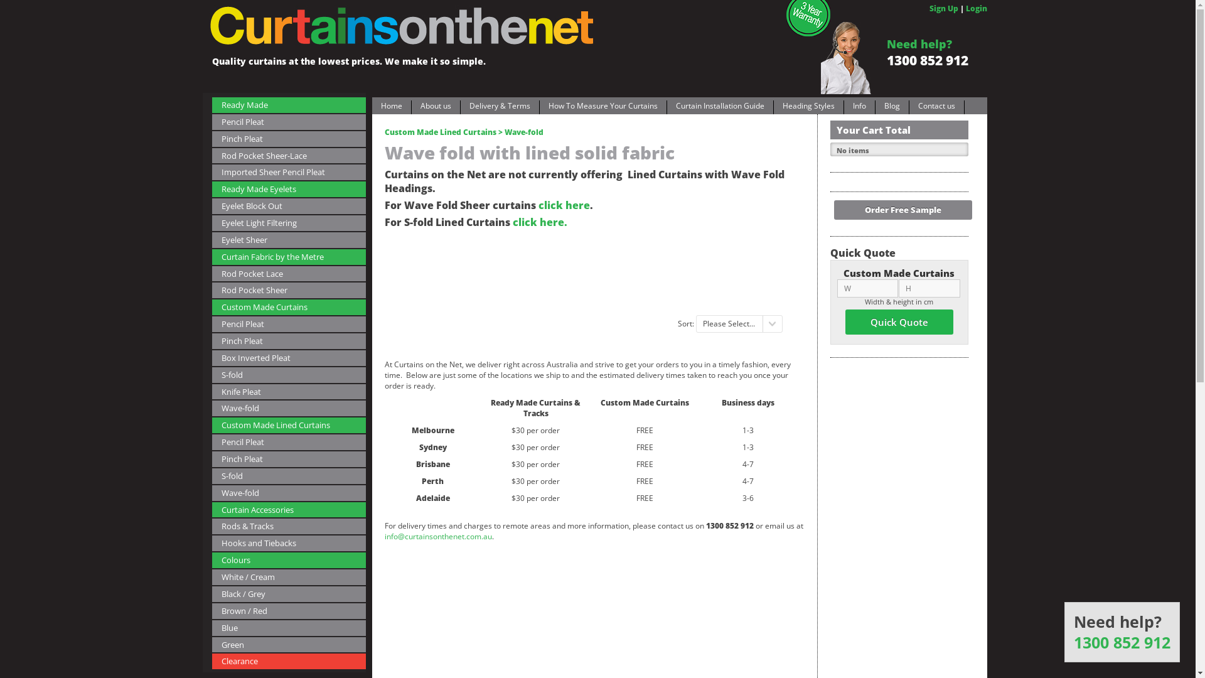  Describe the element at coordinates (928, 8) in the screenshot. I see `'Sign Up'` at that location.